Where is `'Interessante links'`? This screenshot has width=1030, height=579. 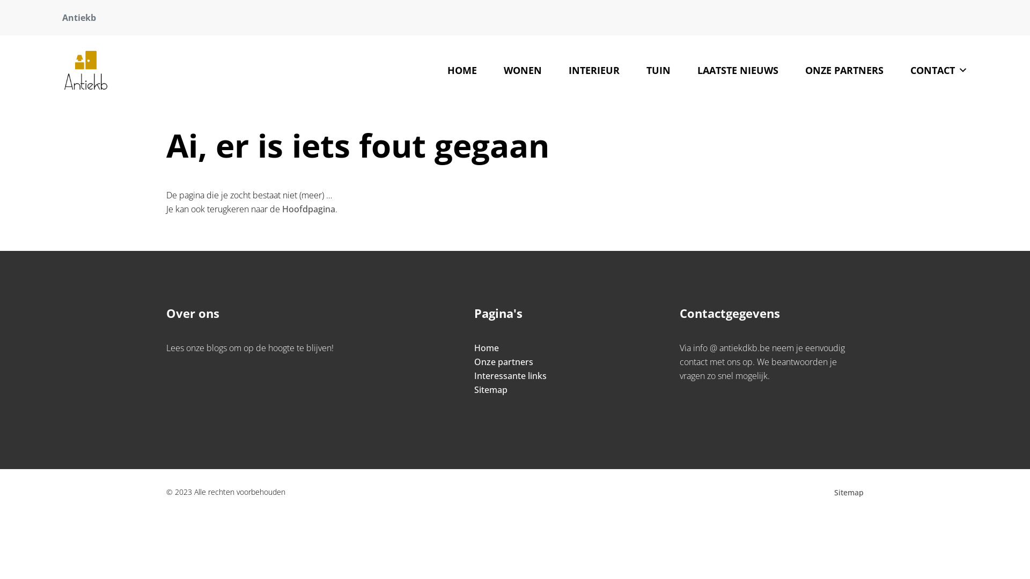
'Interessante links' is located at coordinates (510, 375).